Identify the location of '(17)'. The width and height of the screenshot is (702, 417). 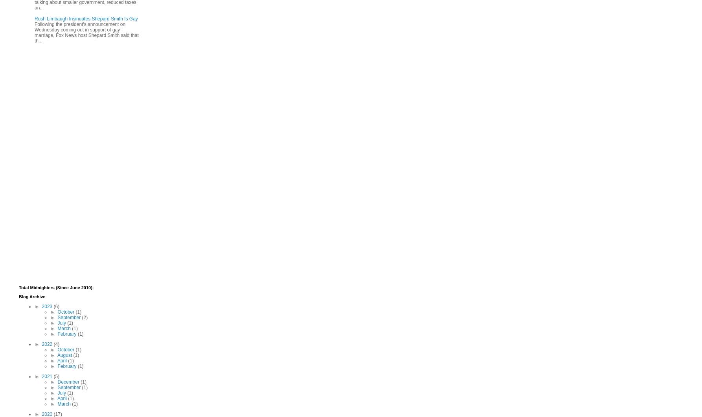
(57, 413).